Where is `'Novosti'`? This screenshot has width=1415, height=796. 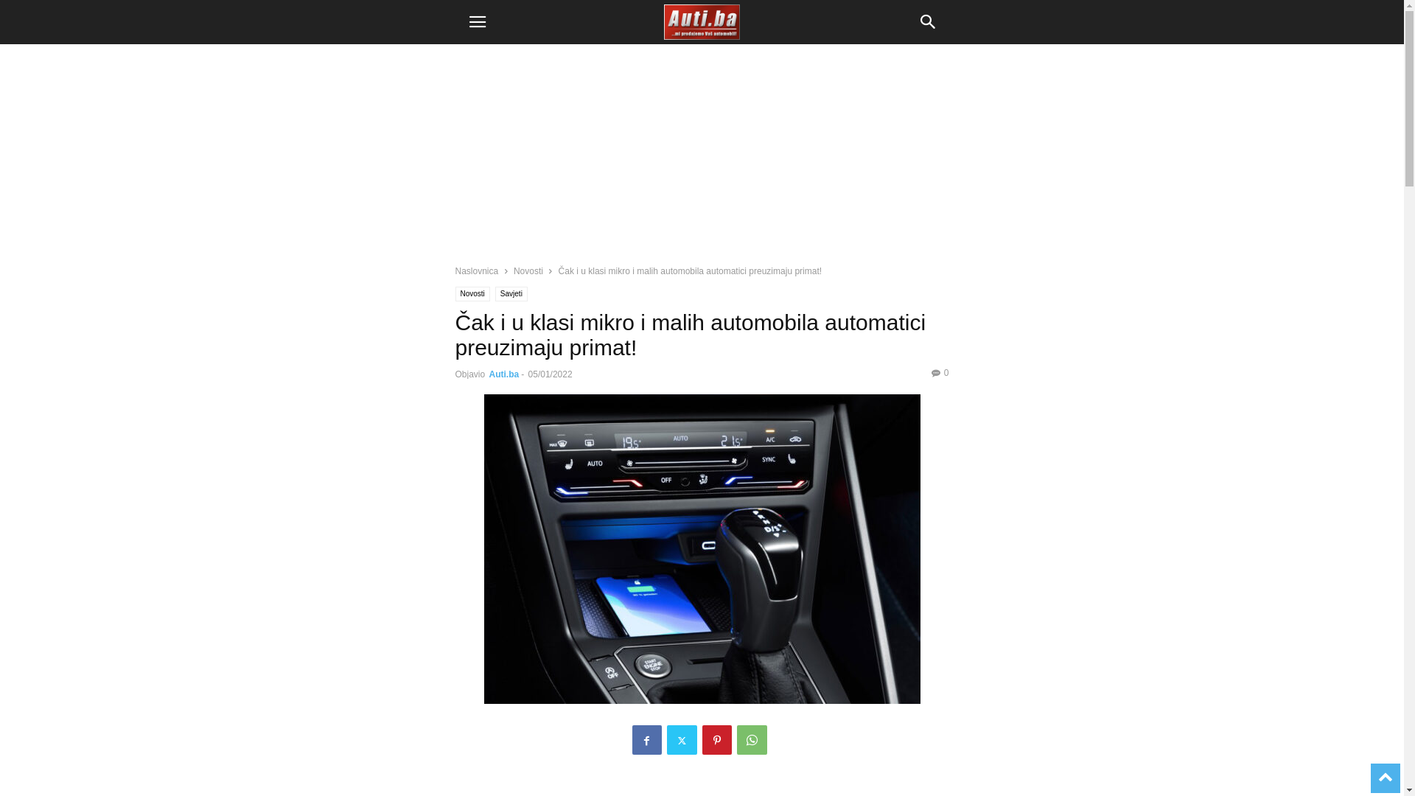 'Novosti' is located at coordinates (472, 293).